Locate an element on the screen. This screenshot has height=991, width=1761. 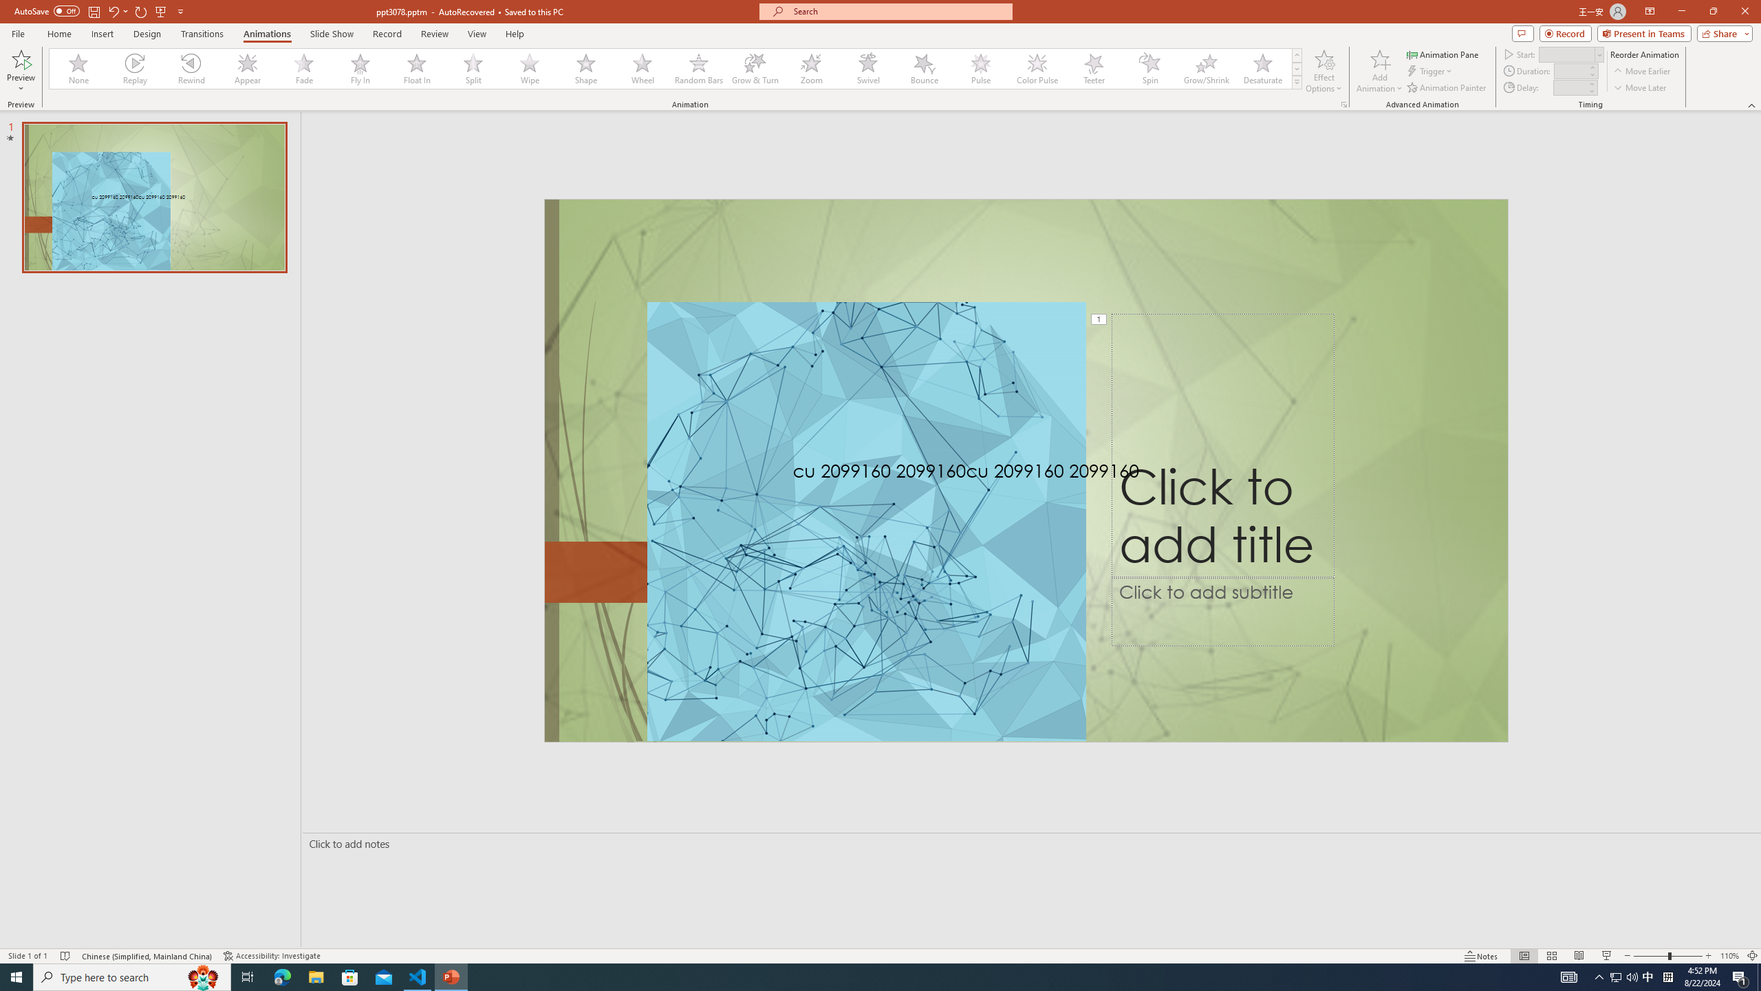
'Replay' is located at coordinates (135, 68).